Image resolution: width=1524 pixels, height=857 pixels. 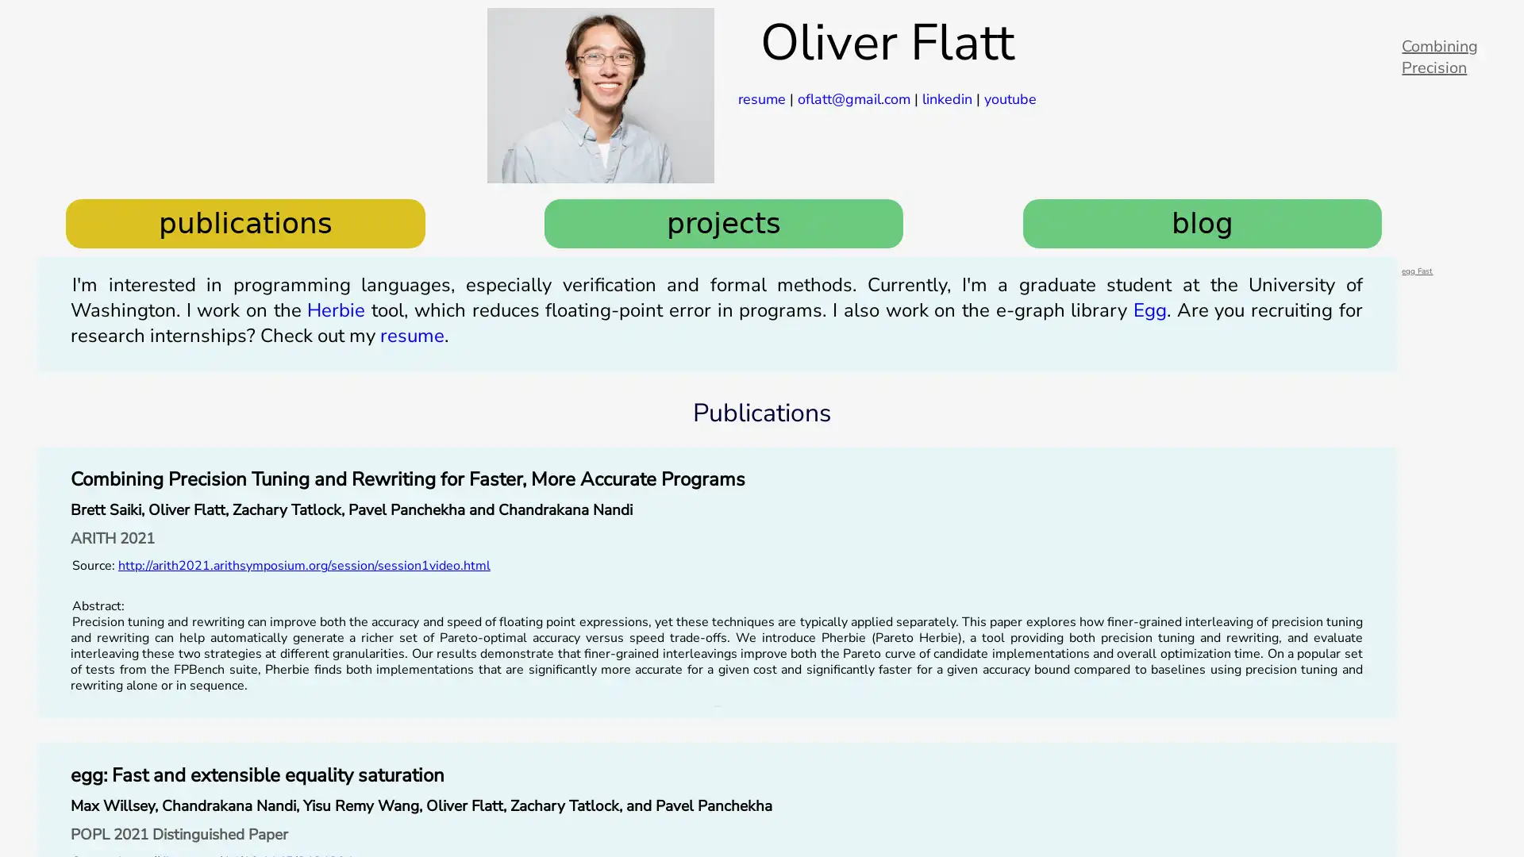 What do you see at coordinates (723, 223) in the screenshot?
I see `projects` at bounding box center [723, 223].